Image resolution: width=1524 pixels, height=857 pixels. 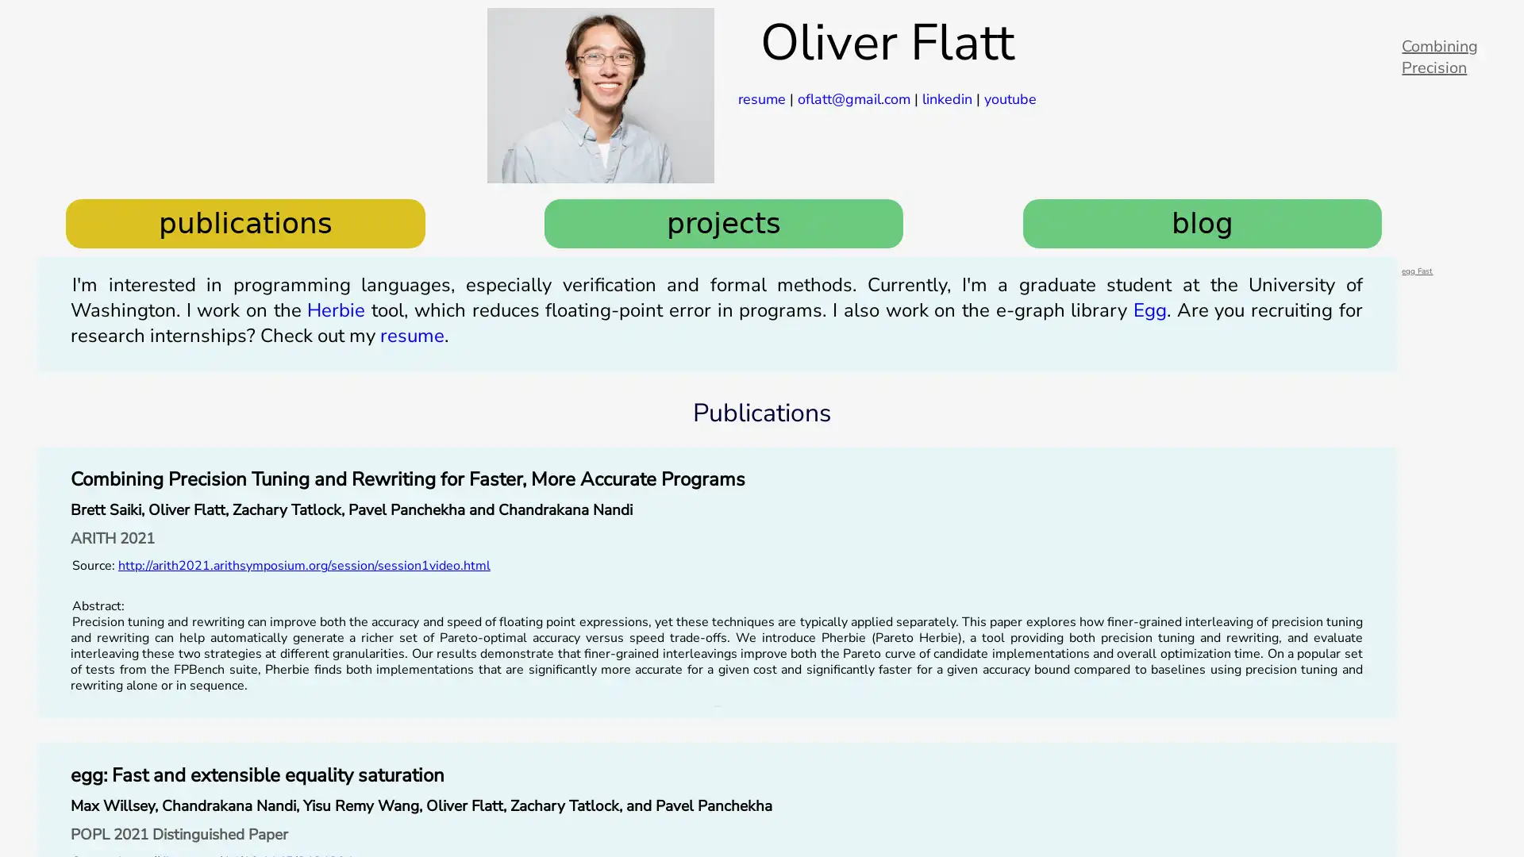 What do you see at coordinates (723, 223) in the screenshot?
I see `projects` at bounding box center [723, 223].